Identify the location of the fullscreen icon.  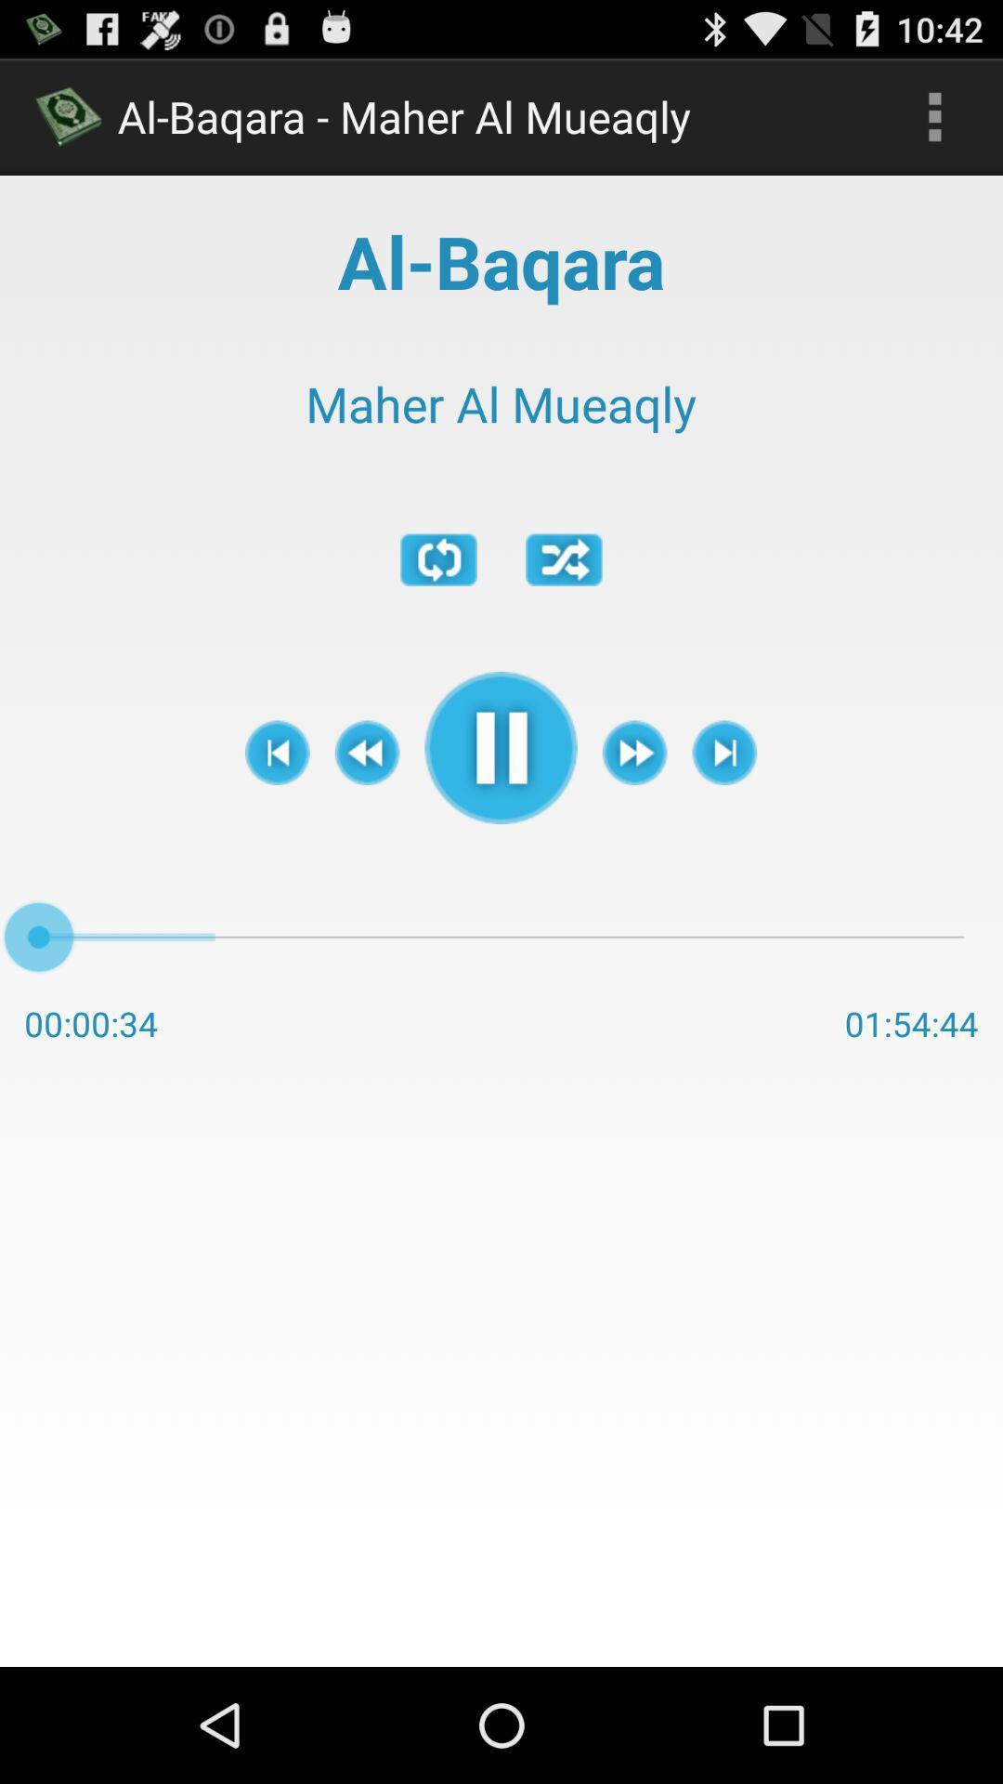
(563, 598).